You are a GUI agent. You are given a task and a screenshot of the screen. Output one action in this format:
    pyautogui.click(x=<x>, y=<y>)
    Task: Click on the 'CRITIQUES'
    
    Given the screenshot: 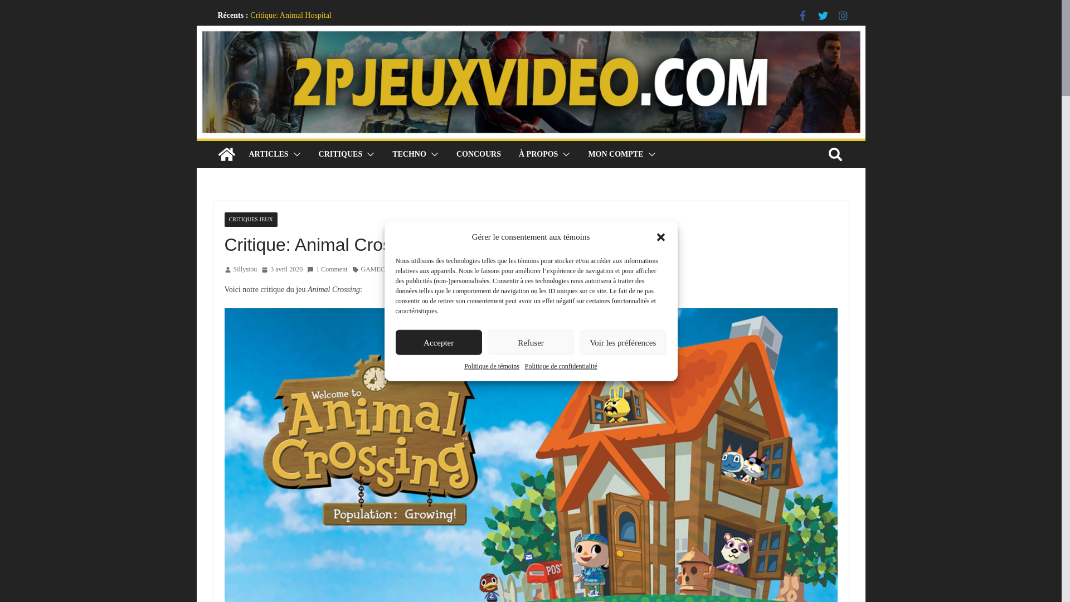 What is the action you would take?
    pyautogui.click(x=340, y=154)
    